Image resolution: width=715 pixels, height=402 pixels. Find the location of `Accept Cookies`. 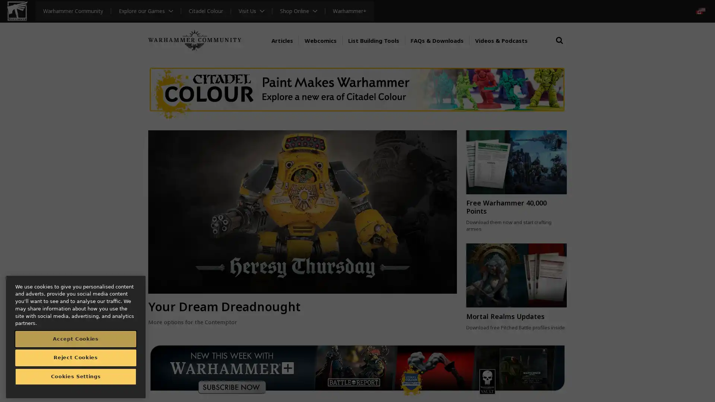

Accept Cookies is located at coordinates (76, 339).